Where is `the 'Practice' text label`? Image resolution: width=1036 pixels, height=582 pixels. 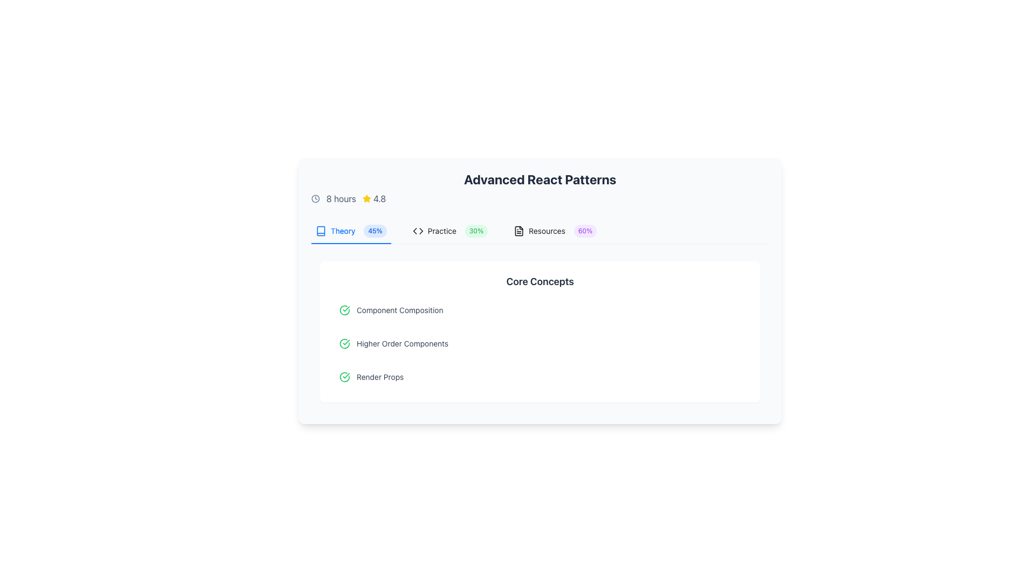 the 'Practice' text label is located at coordinates (442, 230).